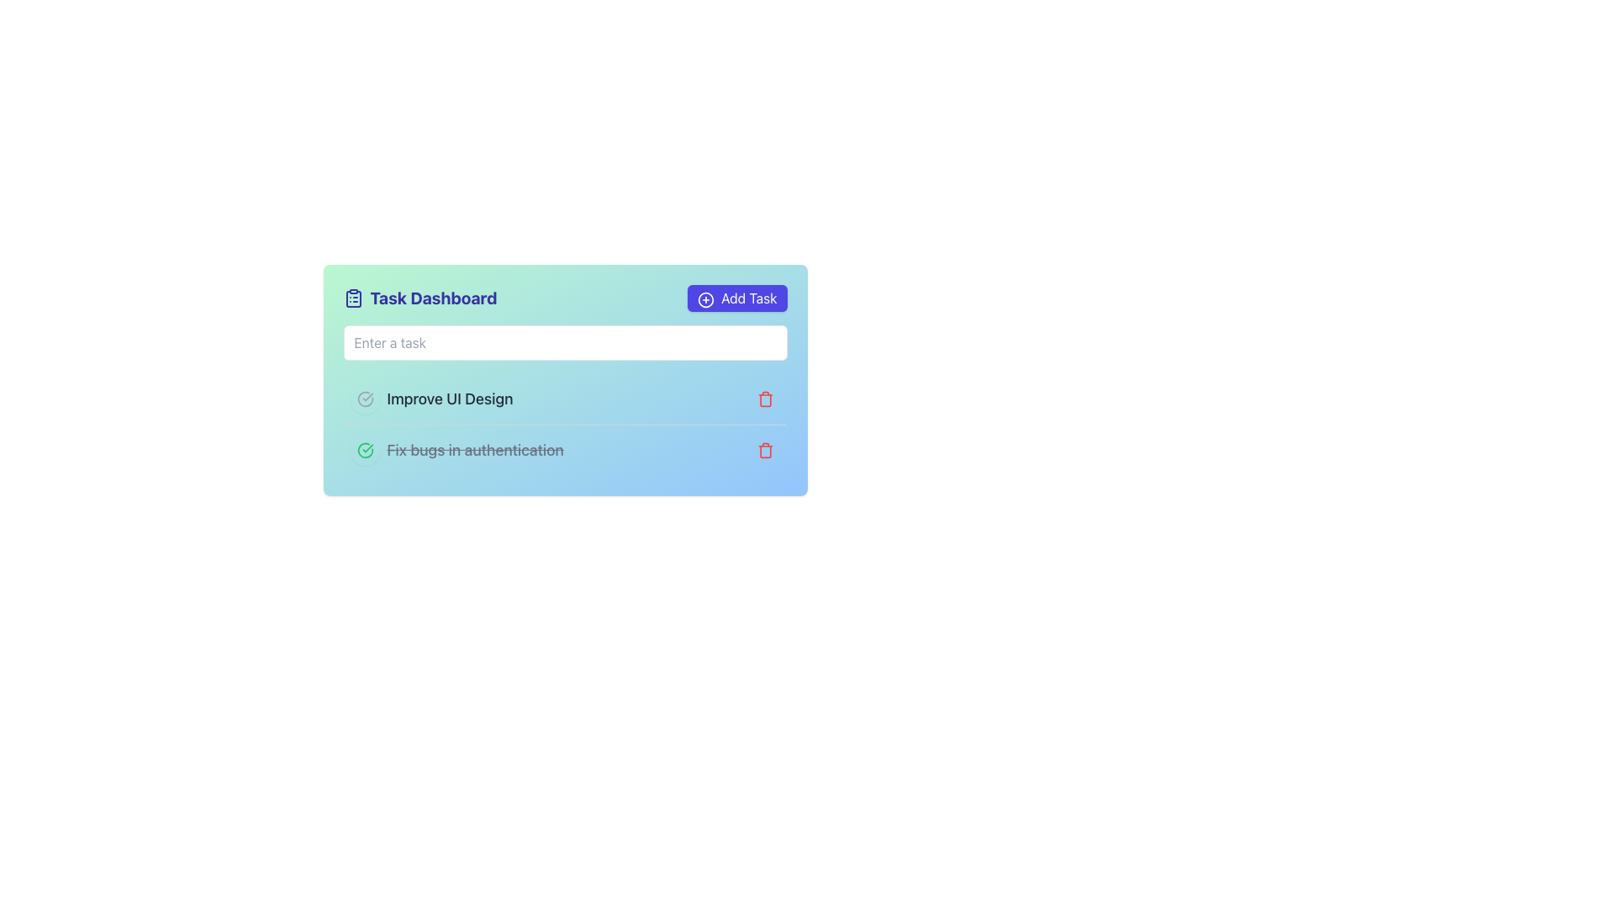 The image size is (1614, 908). What do you see at coordinates (706, 298) in the screenshot?
I see `the icon to the left of the 'Add Task' text in the top-right corner of the task dashboard` at bounding box center [706, 298].